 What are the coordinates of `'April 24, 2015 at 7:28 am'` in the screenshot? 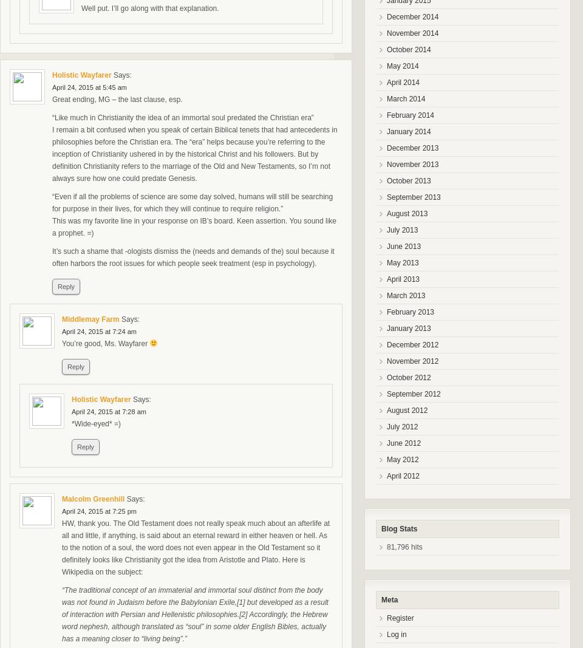 It's located at (108, 411).